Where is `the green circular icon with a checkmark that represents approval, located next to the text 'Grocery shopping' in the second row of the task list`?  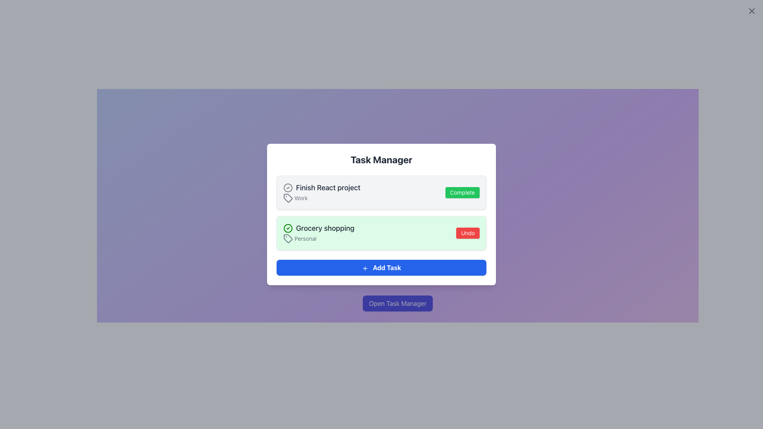
the green circular icon with a checkmark that represents approval, located next to the text 'Grocery shopping' in the second row of the task list is located at coordinates (287, 228).